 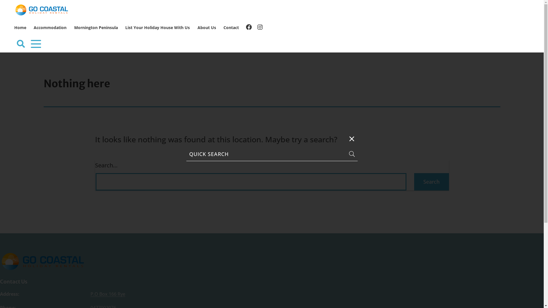 I want to click on 'Mornington Peninsula', so click(x=96, y=28).